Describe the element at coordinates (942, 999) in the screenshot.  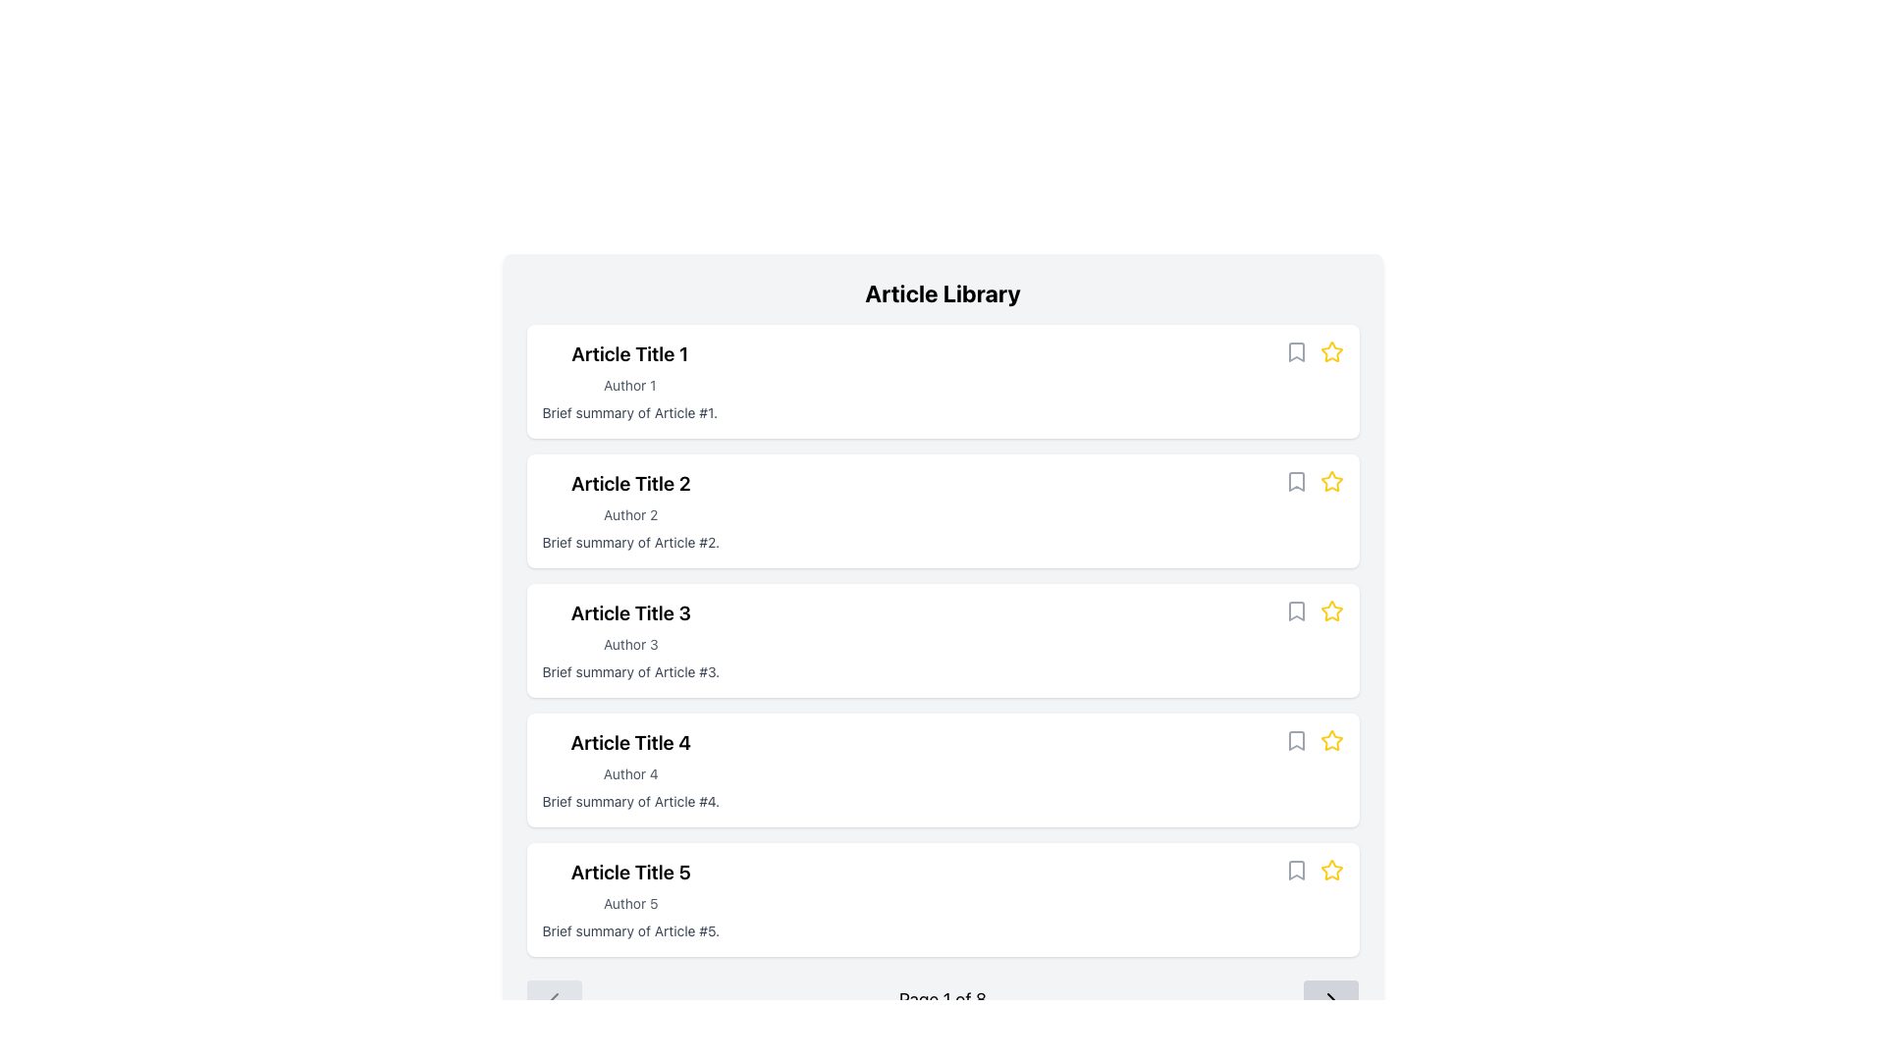
I see `text displayed in the Text Label that shows 'Page 1 of 8', located at the bottom of the 'Article Library' component` at that location.